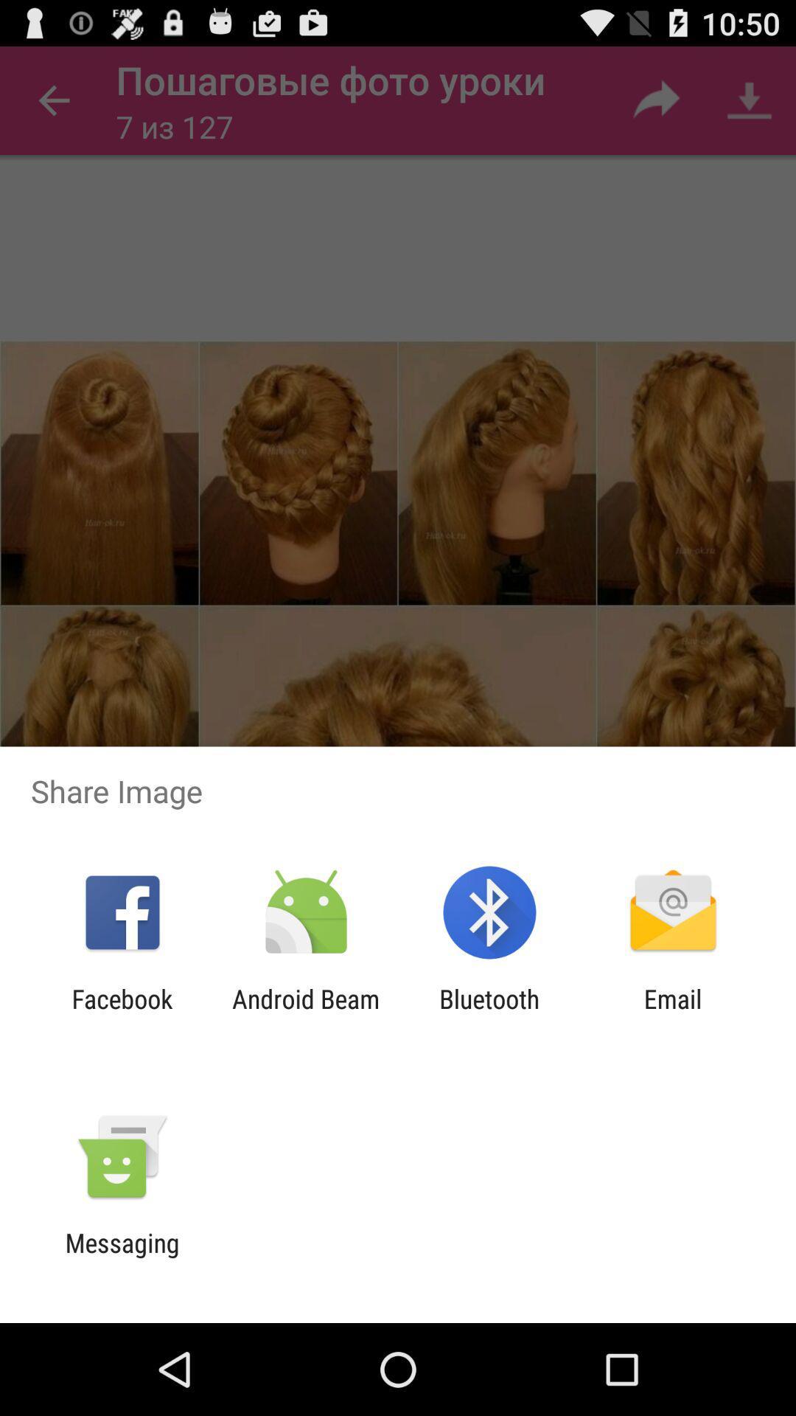 The width and height of the screenshot is (796, 1416). What do you see at coordinates (489, 1013) in the screenshot?
I see `item to the right of android beam icon` at bounding box center [489, 1013].